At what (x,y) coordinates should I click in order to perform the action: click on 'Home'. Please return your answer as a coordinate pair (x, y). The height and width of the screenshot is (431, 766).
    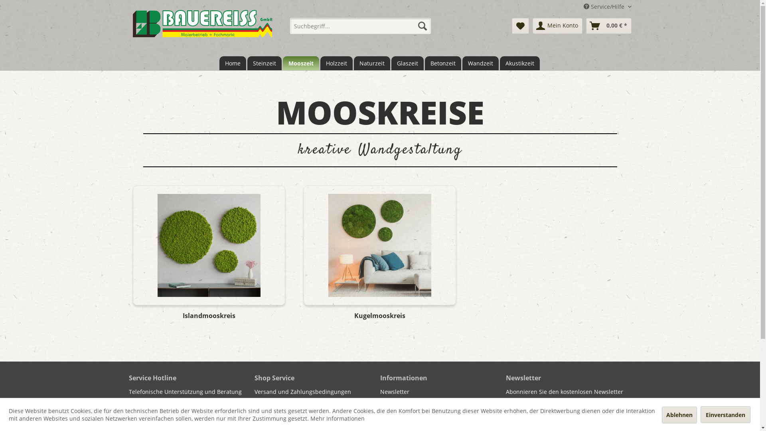
    Looking at the image, I should click on (219, 63).